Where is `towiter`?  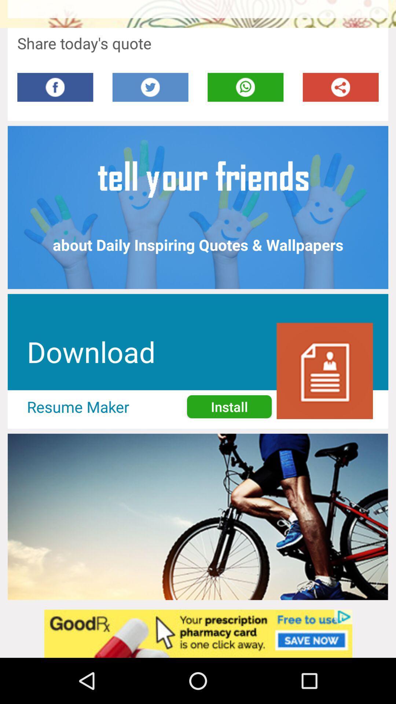
towiter is located at coordinates (150, 87).